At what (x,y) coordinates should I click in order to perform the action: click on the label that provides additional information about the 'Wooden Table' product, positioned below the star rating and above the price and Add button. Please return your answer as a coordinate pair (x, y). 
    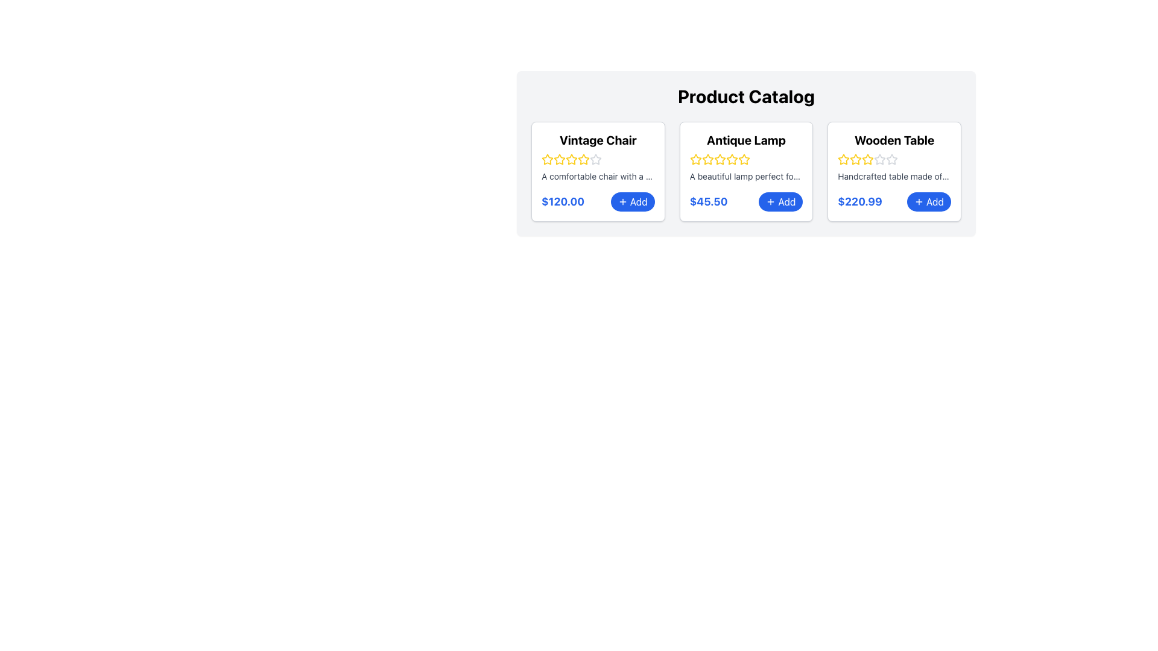
    Looking at the image, I should click on (894, 177).